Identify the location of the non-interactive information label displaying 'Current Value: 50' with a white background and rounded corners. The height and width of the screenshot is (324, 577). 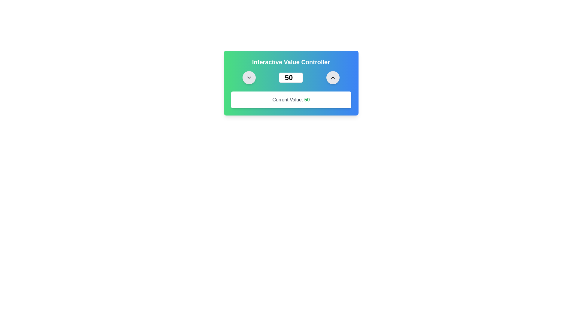
(291, 99).